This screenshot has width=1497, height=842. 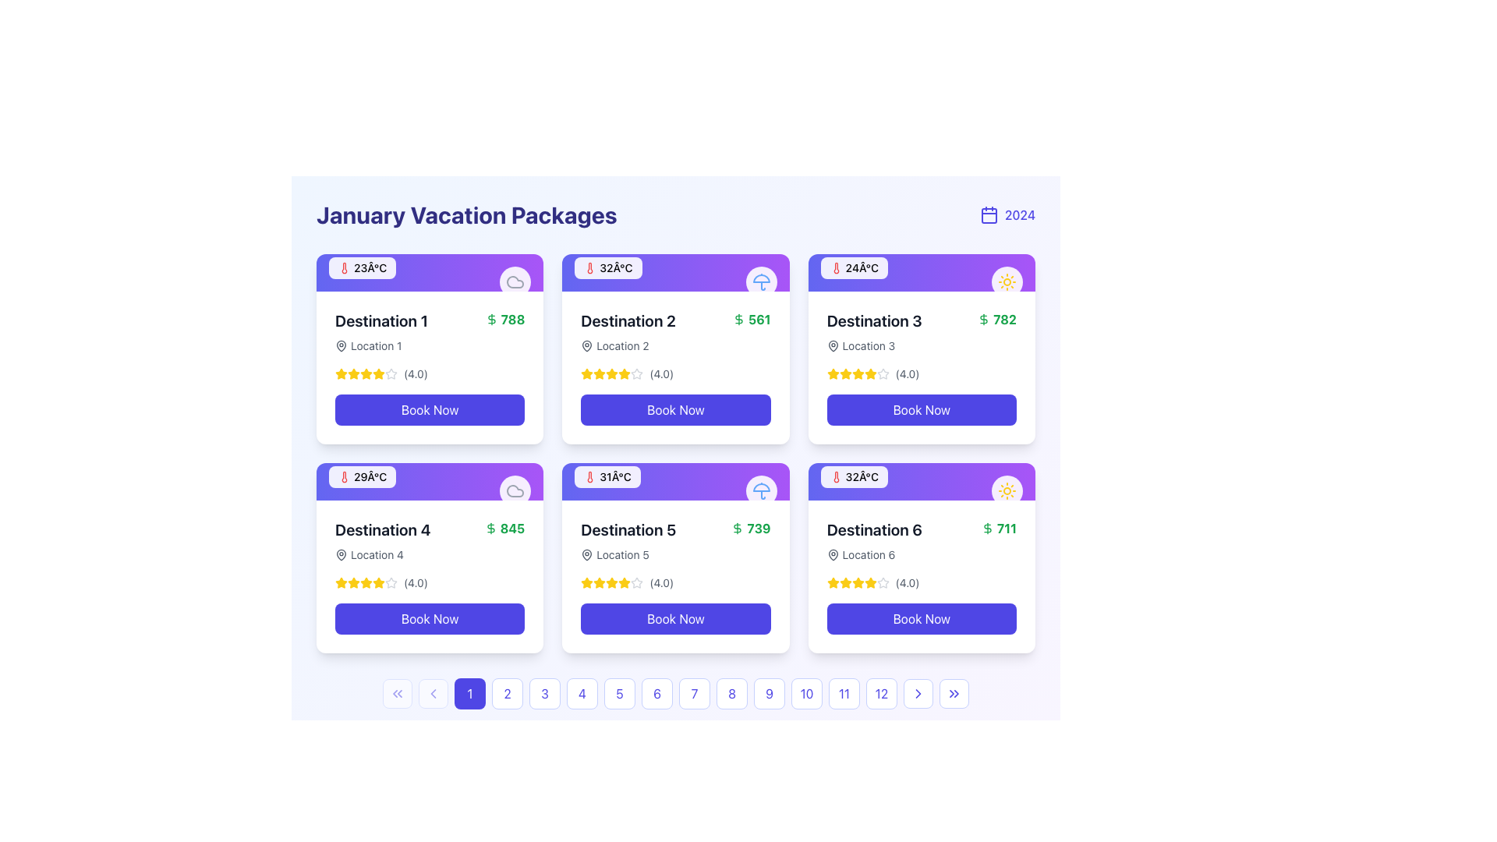 What do you see at coordinates (589, 267) in the screenshot?
I see `the temperature icon located in the header section of the card for 'Destination 2', which provides contextual climate information` at bounding box center [589, 267].